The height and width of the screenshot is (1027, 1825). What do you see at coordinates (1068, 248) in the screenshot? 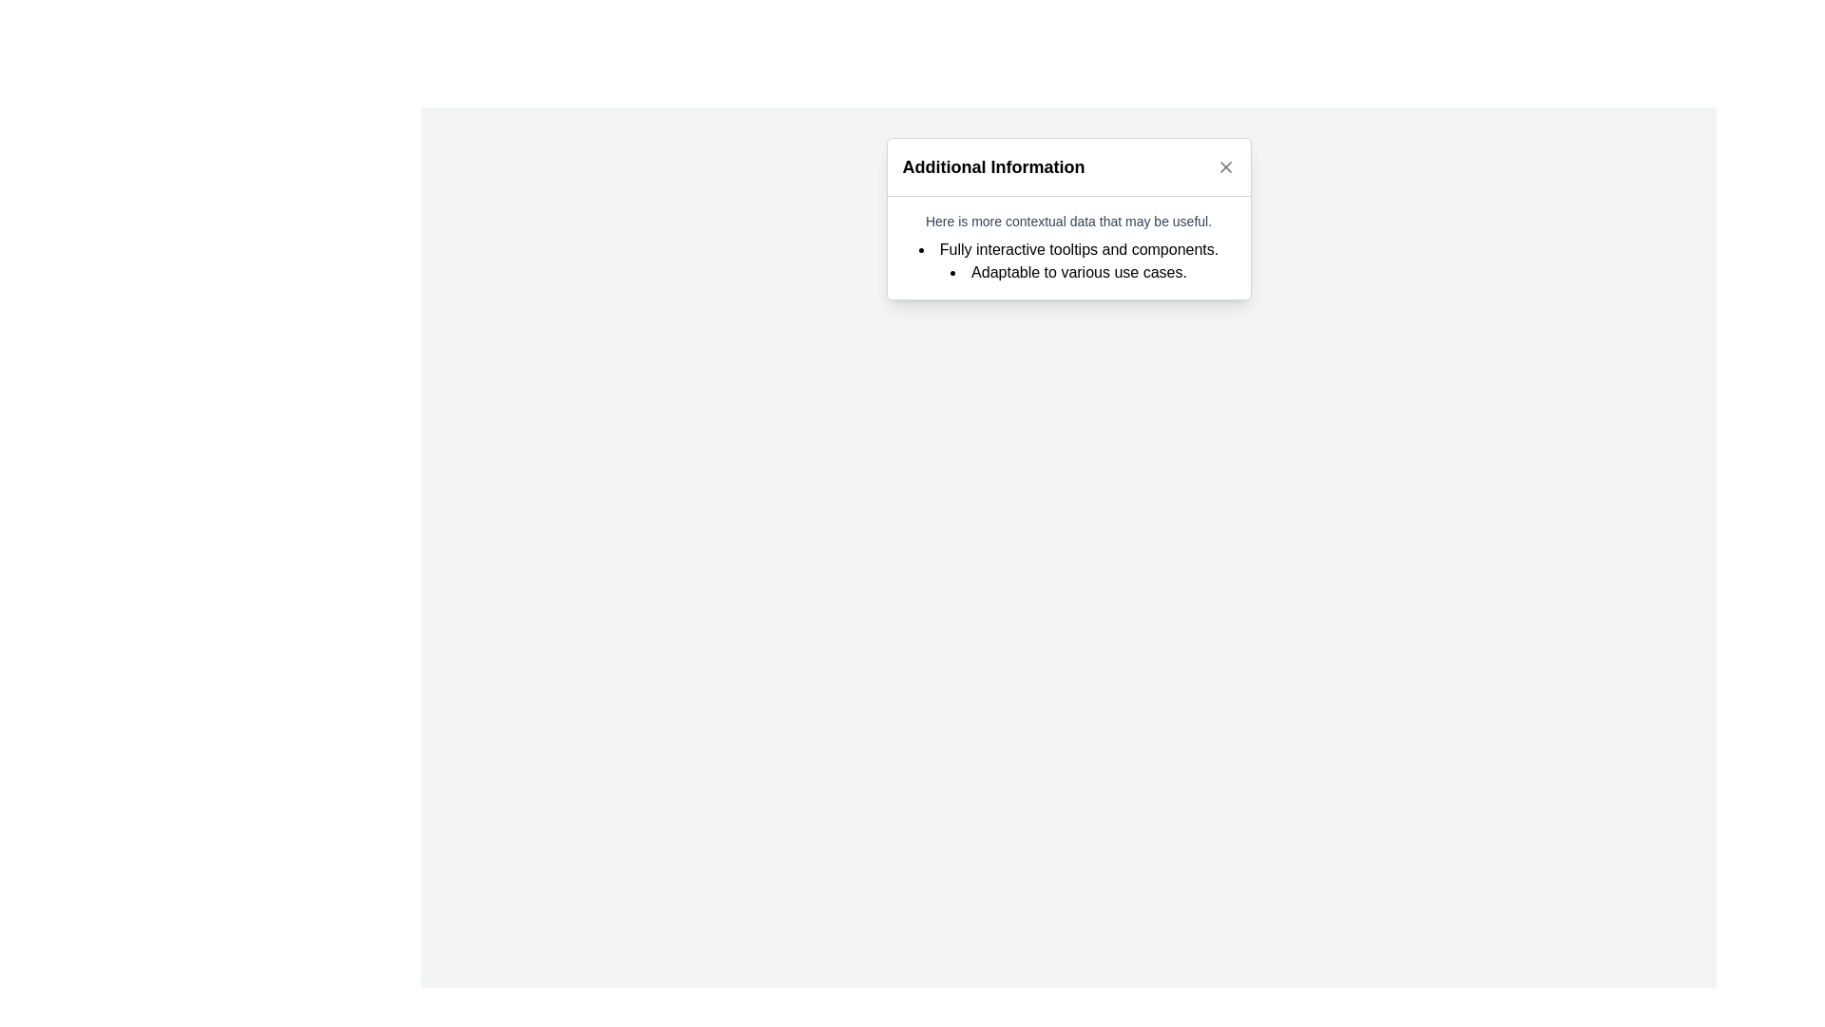
I see `the first descriptive text element in the 'Additional Information' modal, which provides information about interactive tooltips and components` at bounding box center [1068, 248].